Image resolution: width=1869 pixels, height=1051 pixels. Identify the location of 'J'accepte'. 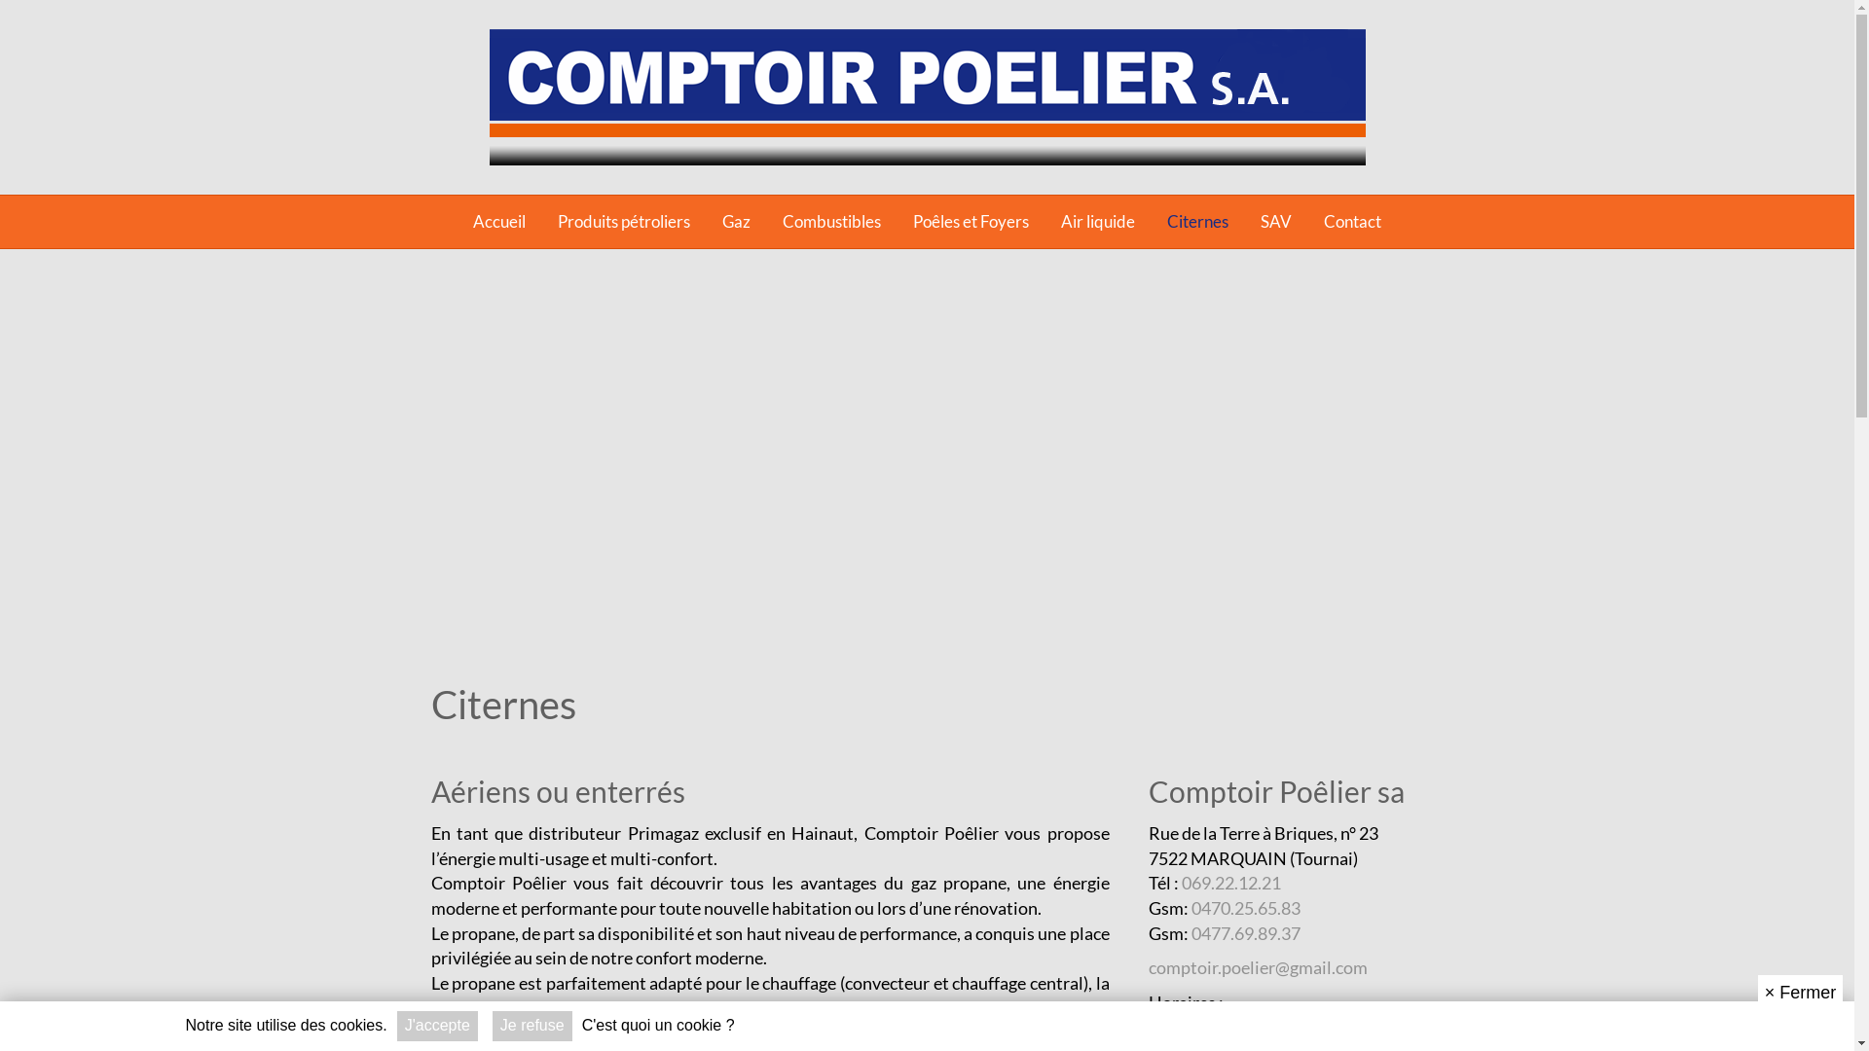
(436, 1025).